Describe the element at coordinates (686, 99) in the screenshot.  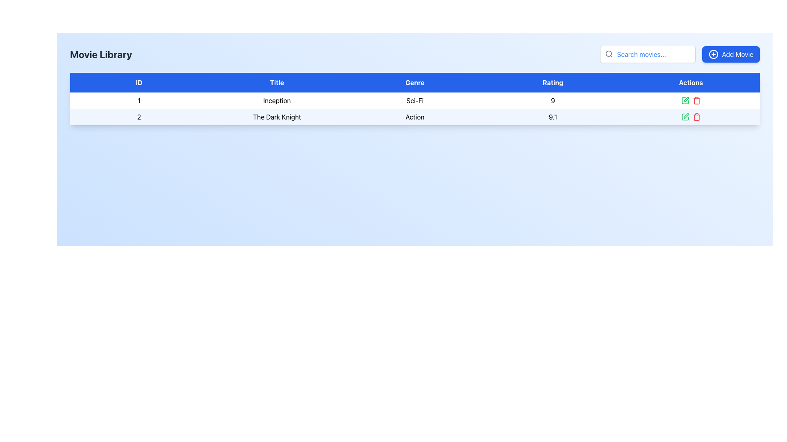
I see `the small green pencil icon in the 'Actions' column of the second table row to initiate editing` at that location.